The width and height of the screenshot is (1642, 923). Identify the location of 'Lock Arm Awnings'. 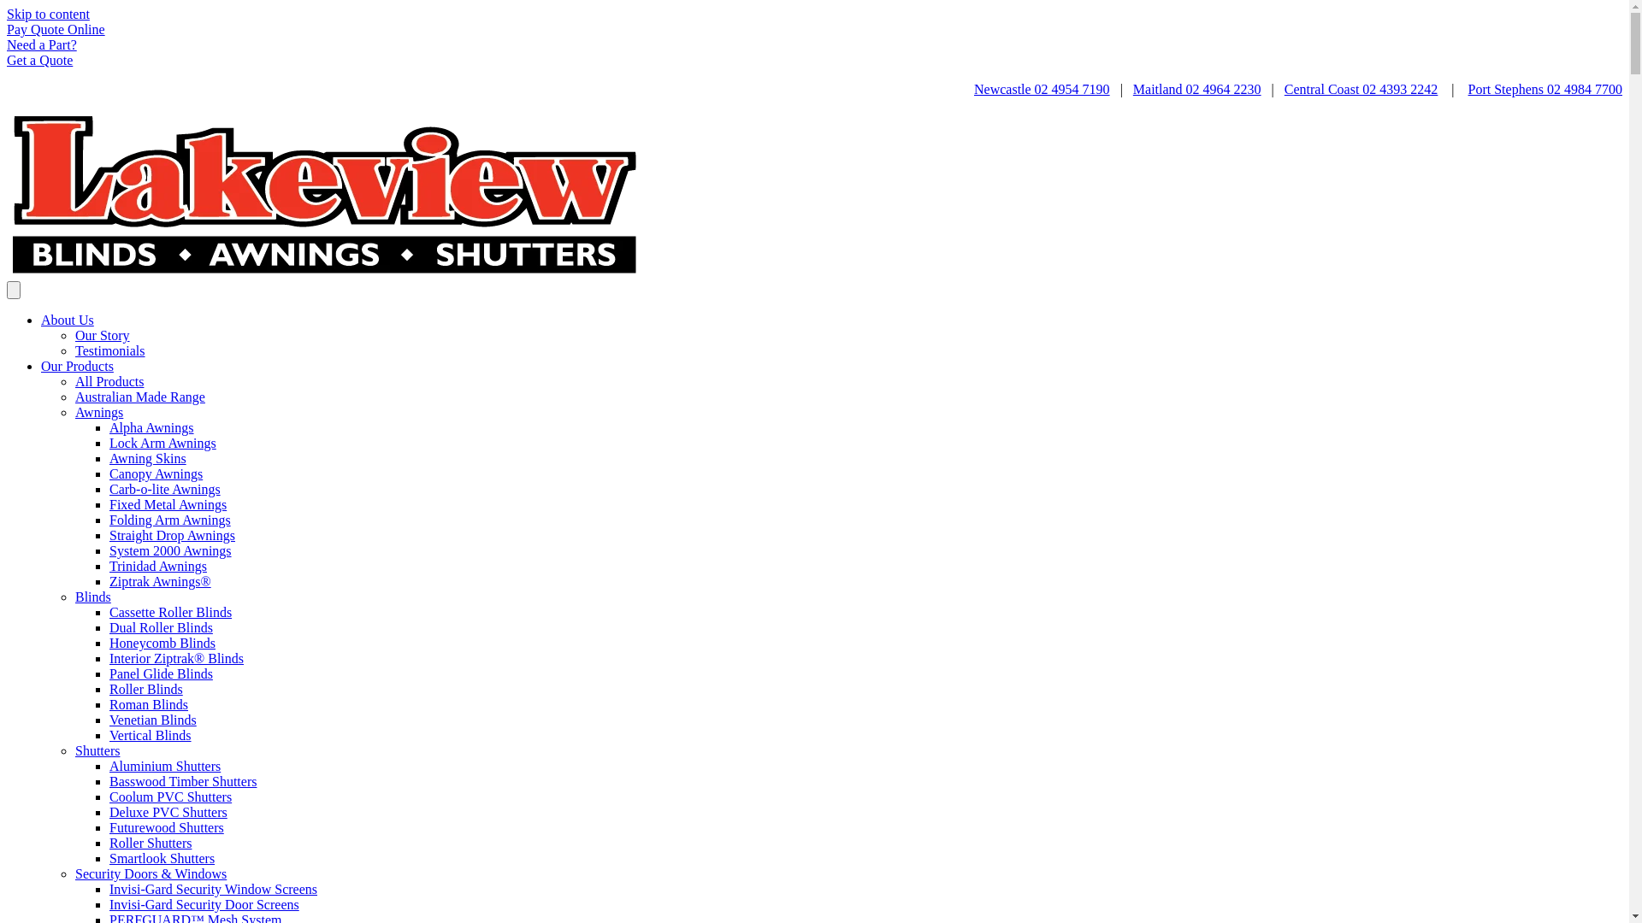
(109, 442).